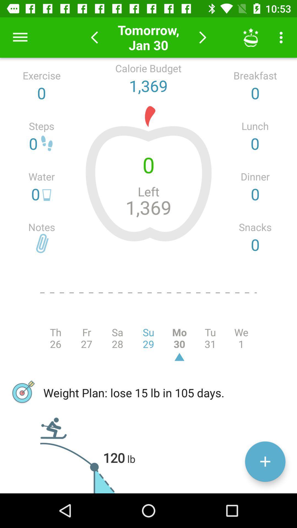  I want to click on next day, so click(203, 37).